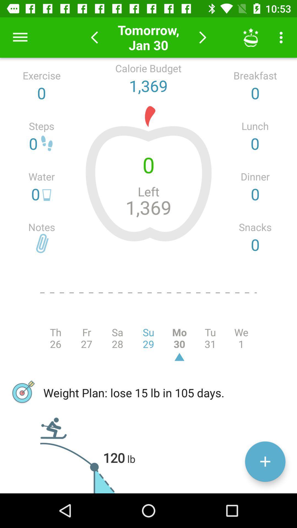  I want to click on next day, so click(203, 37).